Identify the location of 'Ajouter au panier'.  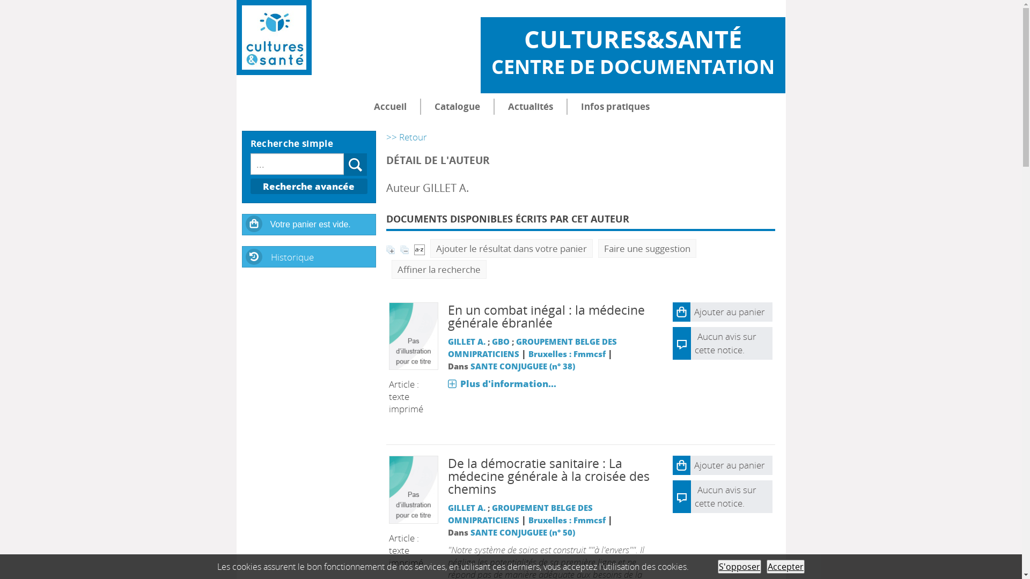
(723, 312).